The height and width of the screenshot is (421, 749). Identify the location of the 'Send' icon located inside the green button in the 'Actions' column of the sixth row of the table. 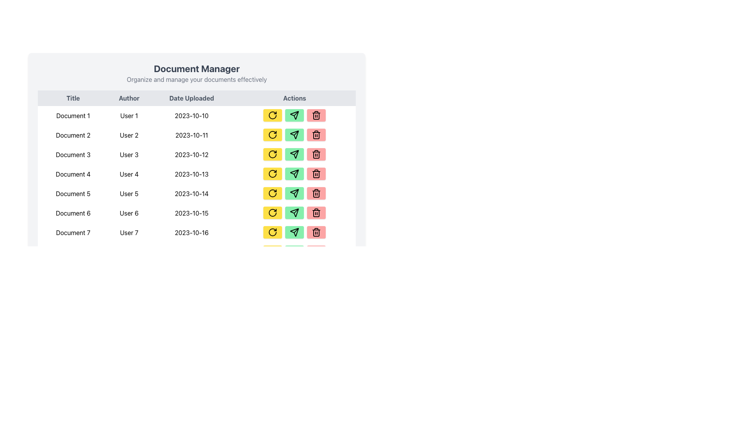
(294, 134).